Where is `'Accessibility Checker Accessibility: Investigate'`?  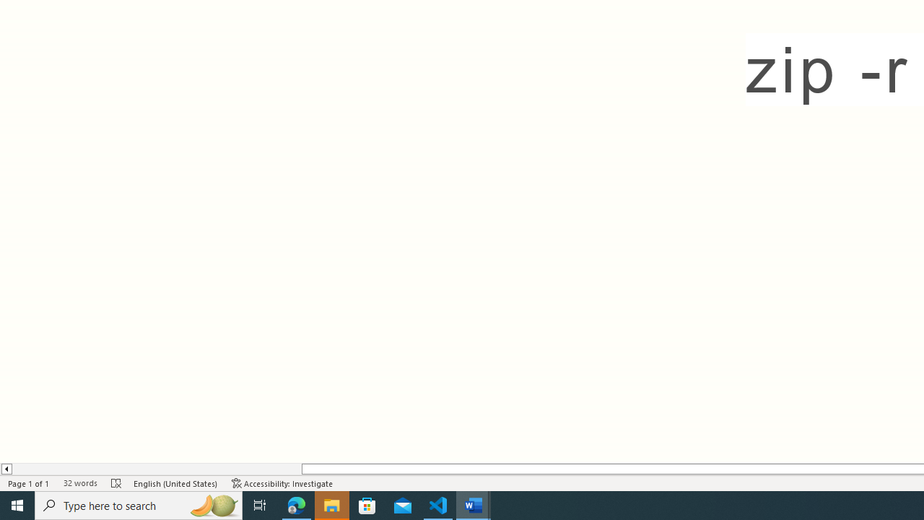 'Accessibility Checker Accessibility: Investigate' is located at coordinates (282, 483).